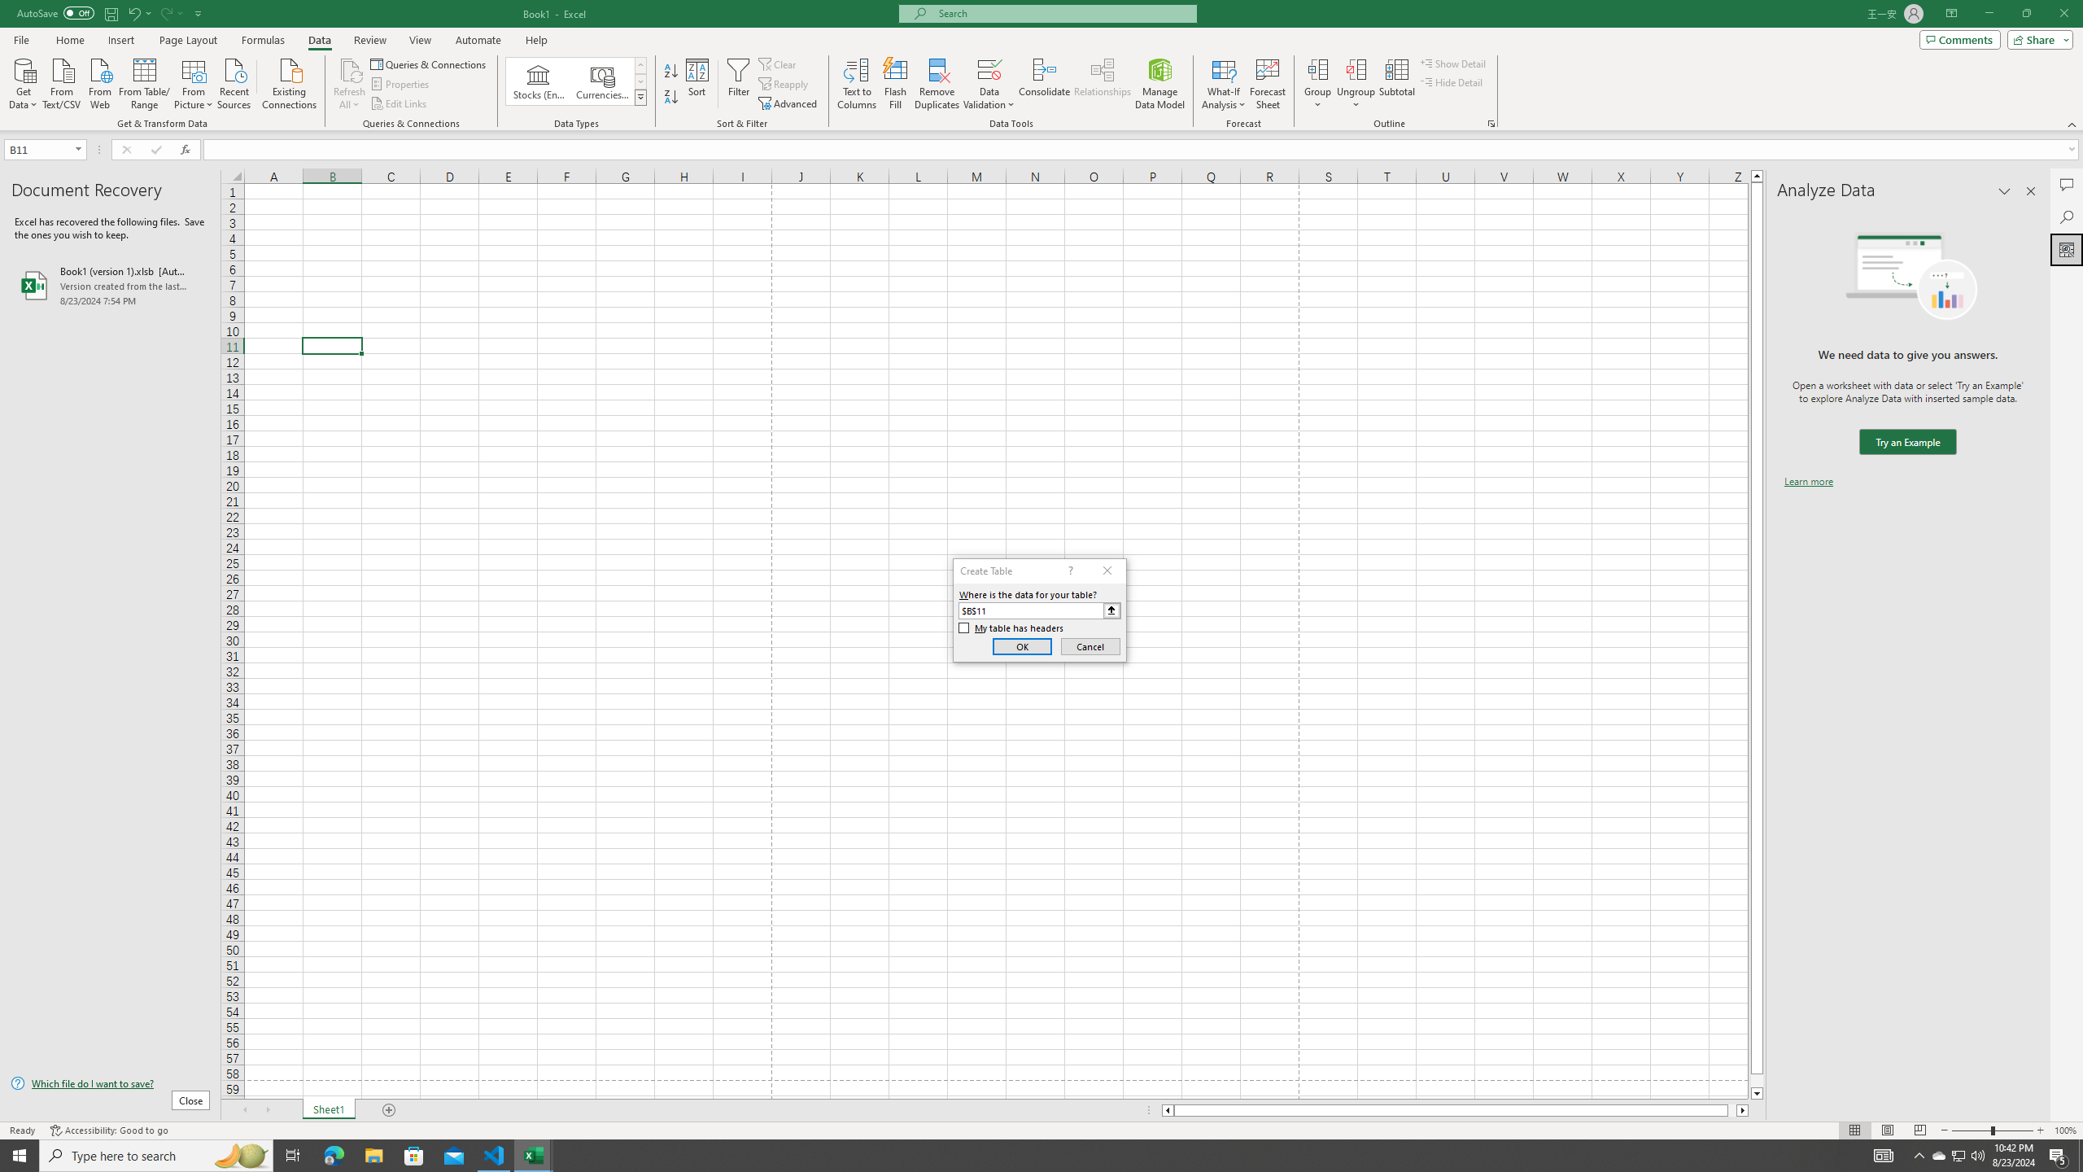 This screenshot has width=2083, height=1172. What do you see at coordinates (2036, 38) in the screenshot?
I see `'Share'` at bounding box center [2036, 38].